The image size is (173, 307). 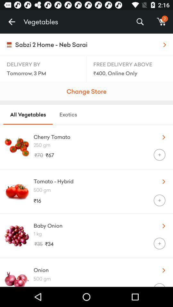 I want to click on item to the left of + icon, so click(x=86, y=200).